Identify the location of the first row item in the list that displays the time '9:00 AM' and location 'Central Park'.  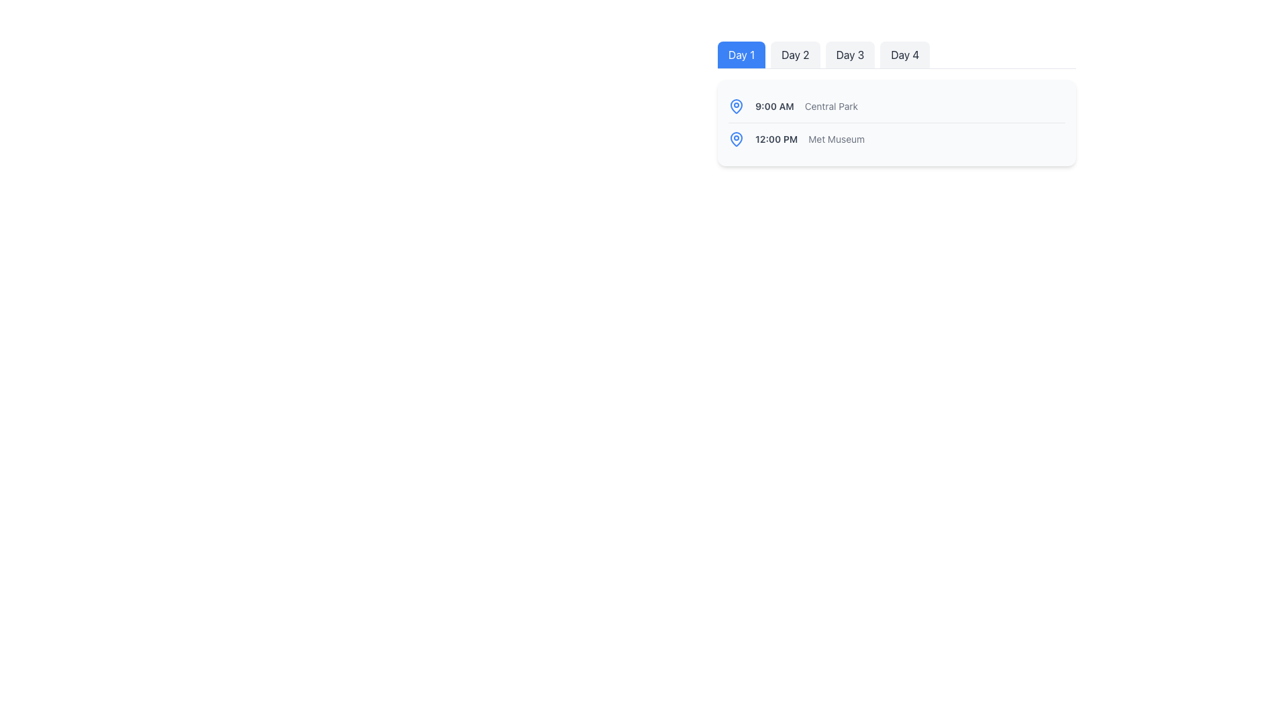
(897, 105).